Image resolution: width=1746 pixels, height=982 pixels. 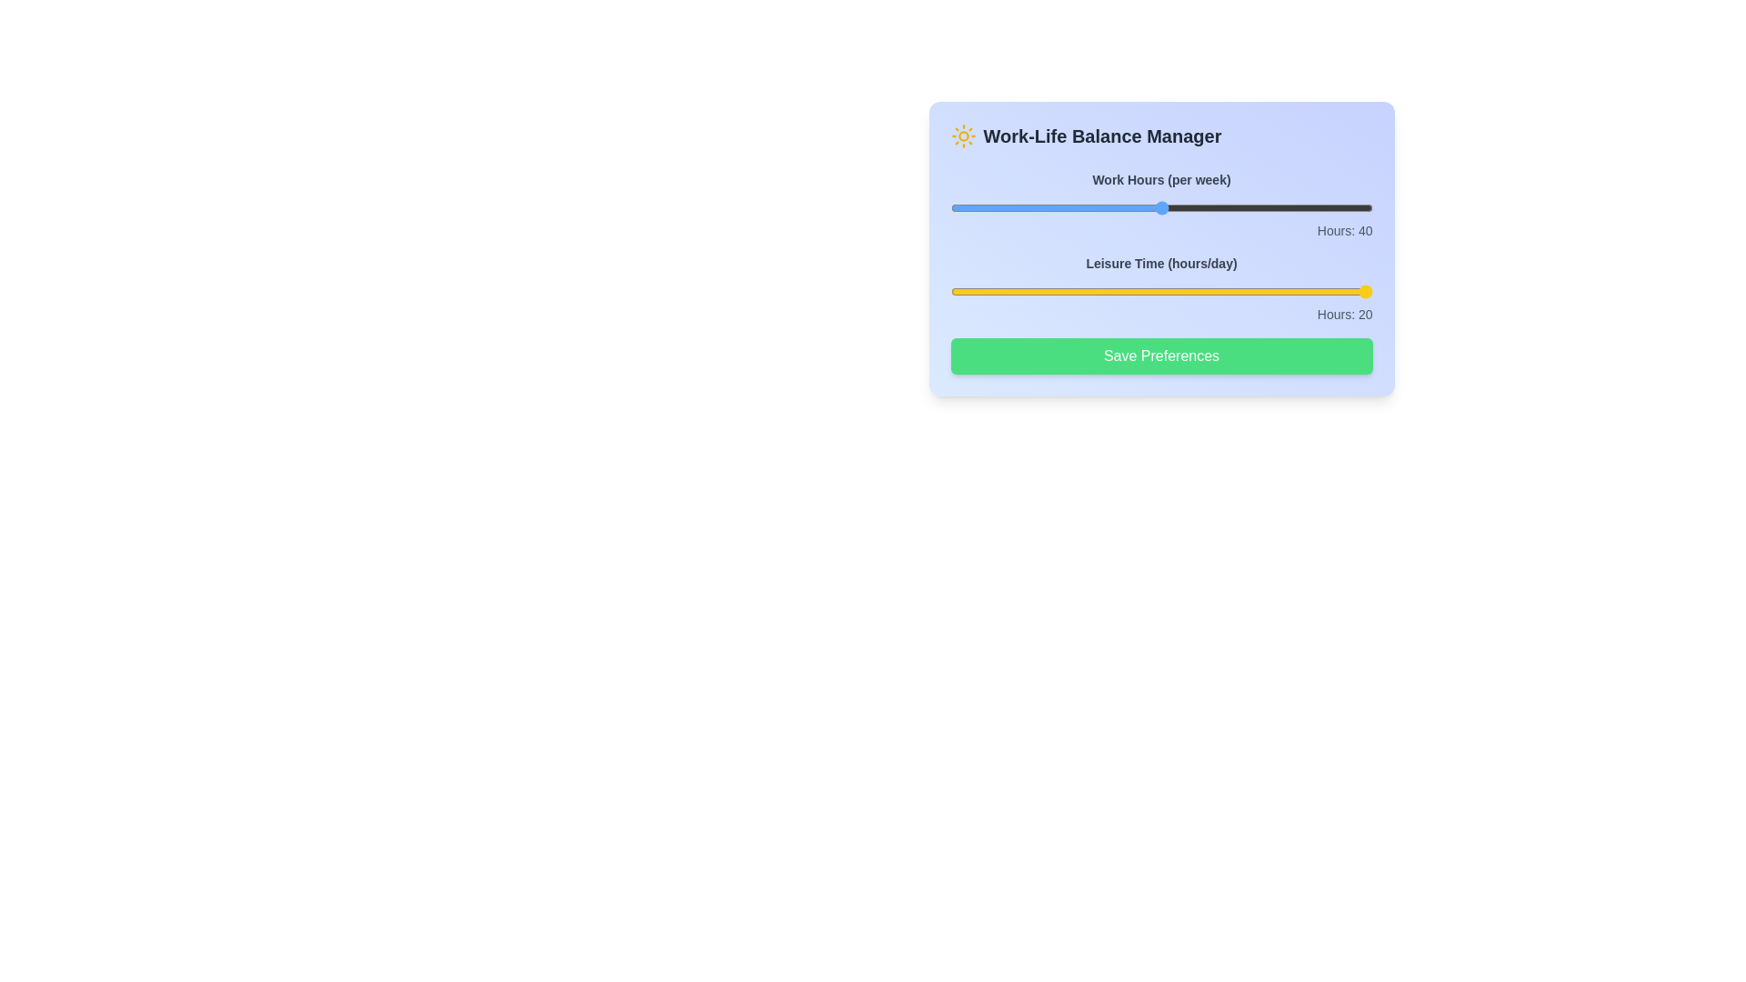 I want to click on the 'Work Hours' slider to set it to 38 hours per week, so click(x=1139, y=206).